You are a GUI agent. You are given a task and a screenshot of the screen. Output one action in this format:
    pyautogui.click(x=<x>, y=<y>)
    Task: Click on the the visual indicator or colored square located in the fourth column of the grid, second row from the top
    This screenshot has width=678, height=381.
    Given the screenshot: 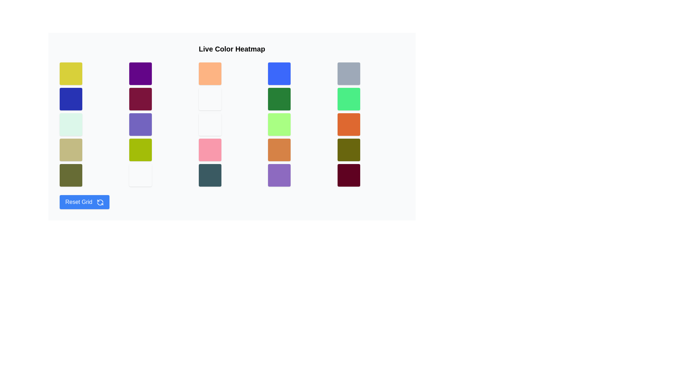 What is the action you would take?
    pyautogui.click(x=279, y=99)
    